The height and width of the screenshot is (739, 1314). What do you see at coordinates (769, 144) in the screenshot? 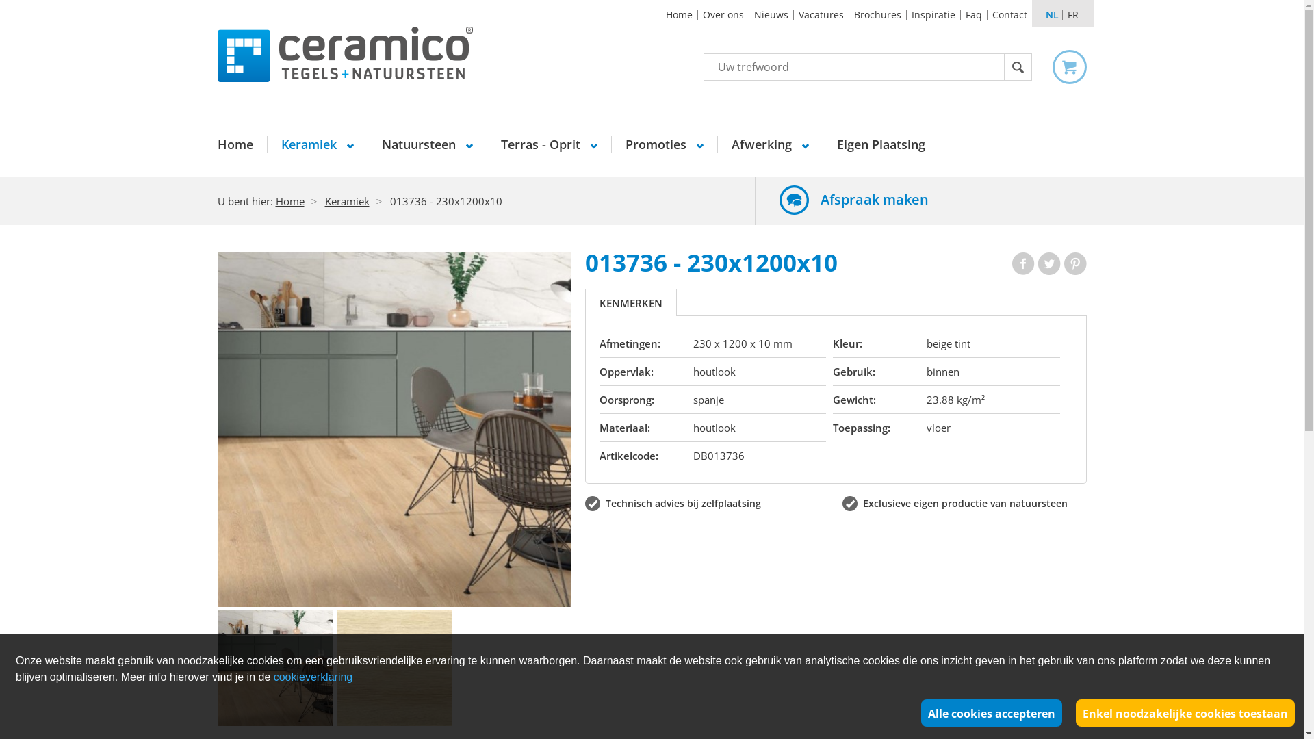
I see `'Afwerking'` at bounding box center [769, 144].